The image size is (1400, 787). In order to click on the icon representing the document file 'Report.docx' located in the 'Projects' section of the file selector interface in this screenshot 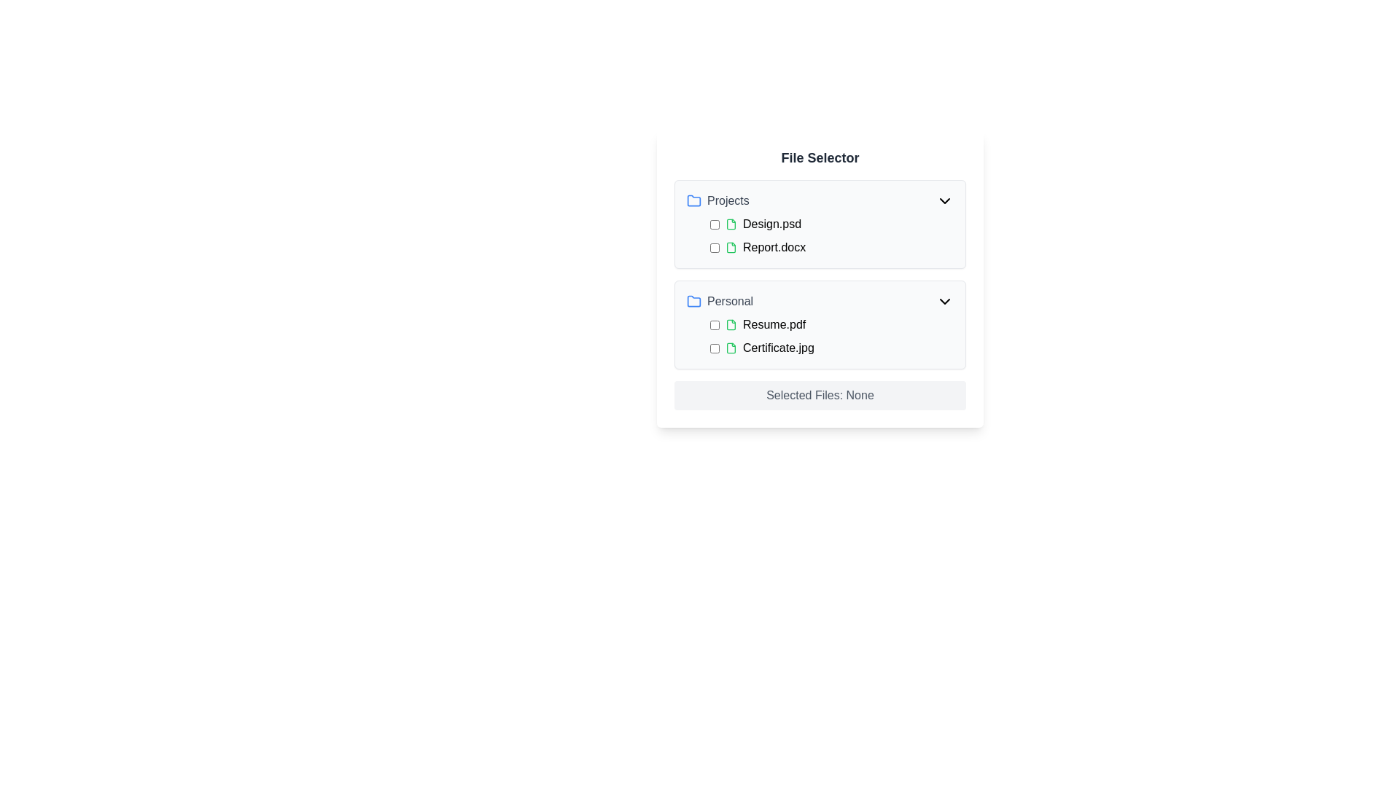, I will do `click(731, 246)`.